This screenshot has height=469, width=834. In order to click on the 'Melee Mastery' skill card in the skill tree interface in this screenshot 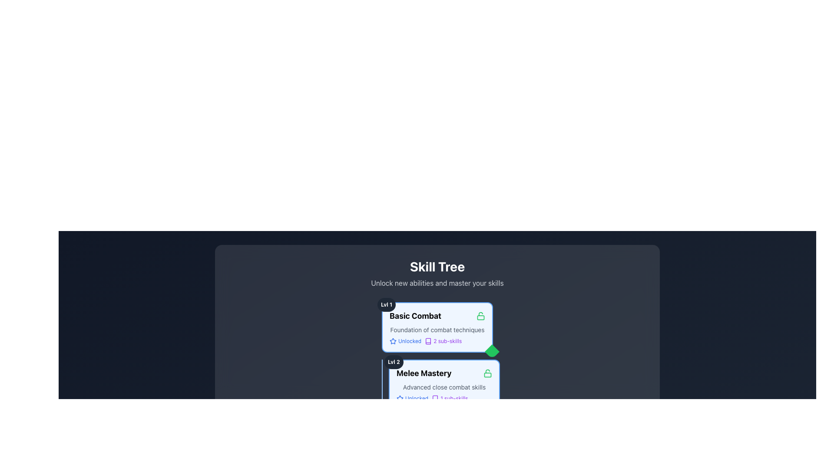, I will do `click(444, 384)`.